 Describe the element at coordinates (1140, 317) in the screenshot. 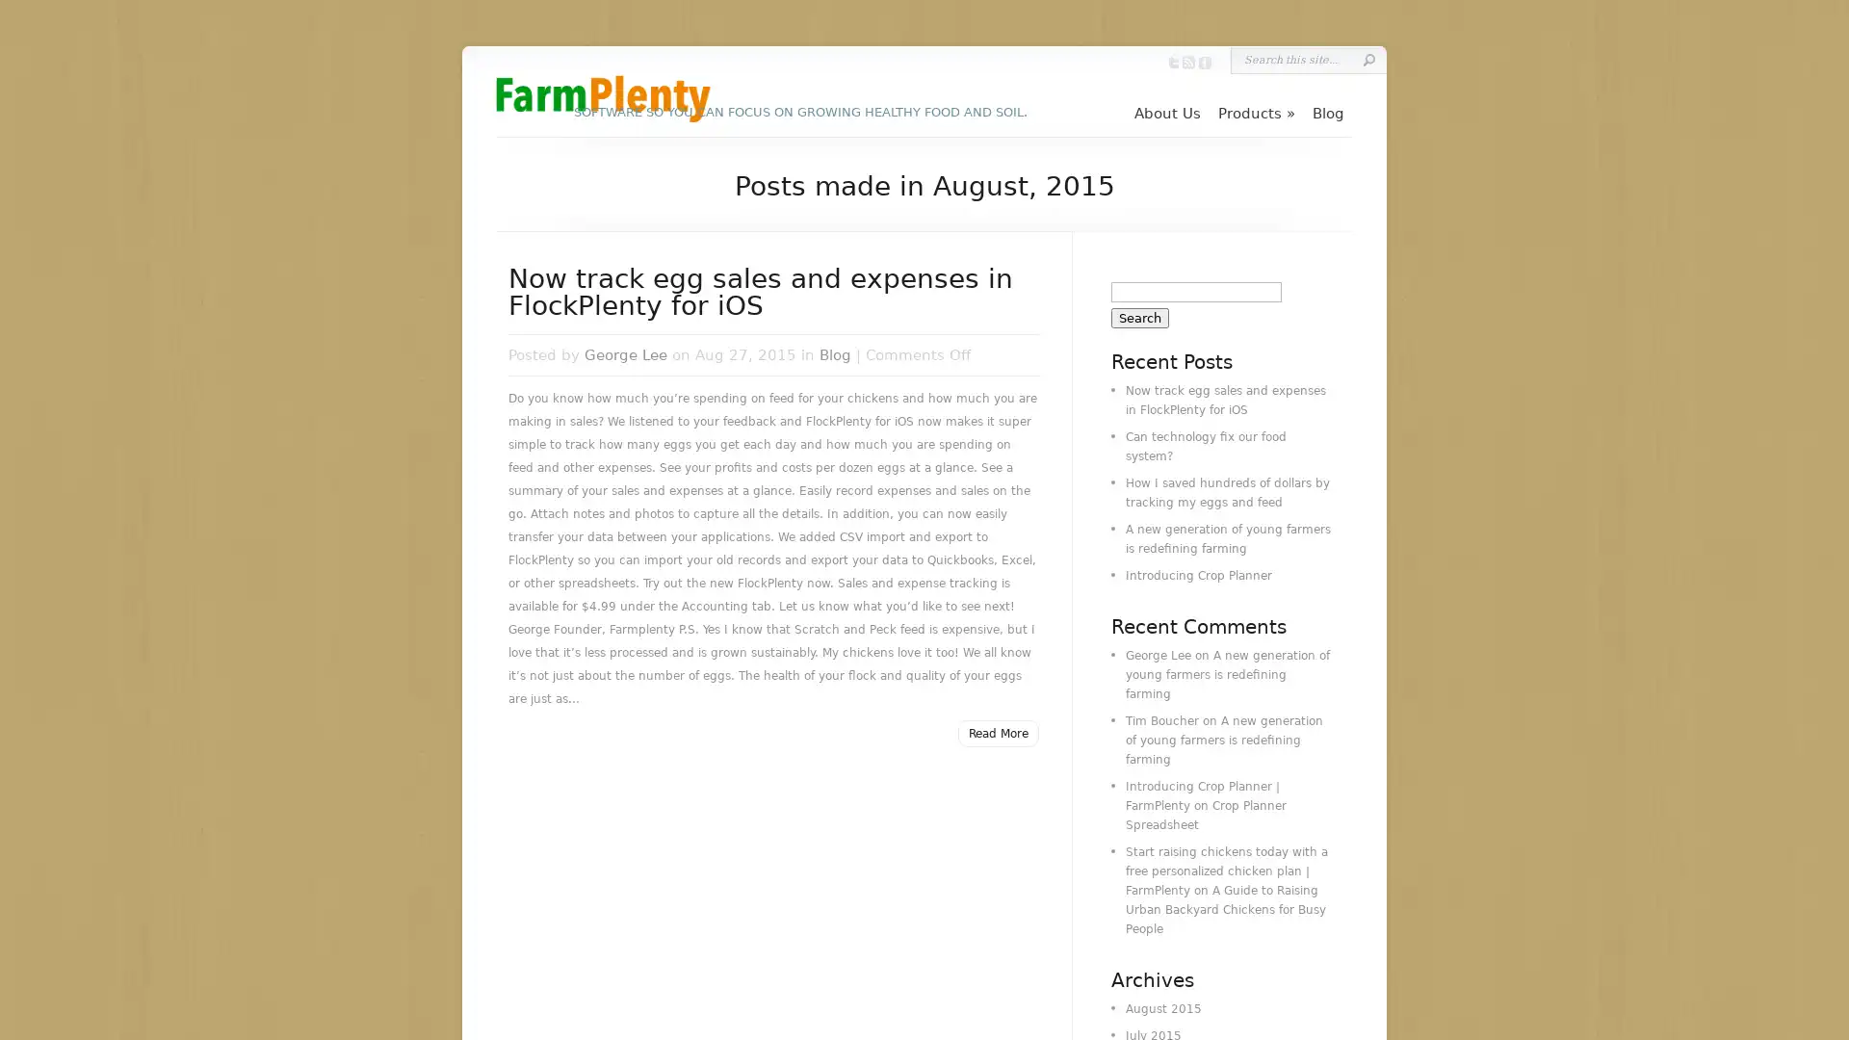

I see `Search` at that location.